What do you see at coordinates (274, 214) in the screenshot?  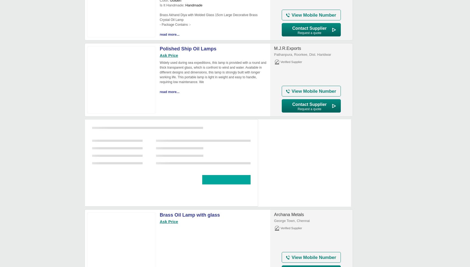 I see `'Archana Metals'` at bounding box center [274, 214].